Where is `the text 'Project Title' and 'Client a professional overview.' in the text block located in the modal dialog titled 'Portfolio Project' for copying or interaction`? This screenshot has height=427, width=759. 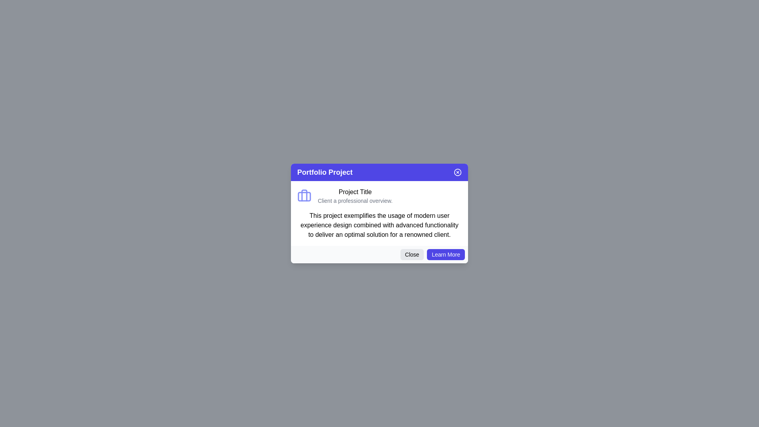 the text 'Project Title' and 'Client a professional overview.' in the text block located in the modal dialog titled 'Portfolio Project' for copying or interaction is located at coordinates (355, 196).